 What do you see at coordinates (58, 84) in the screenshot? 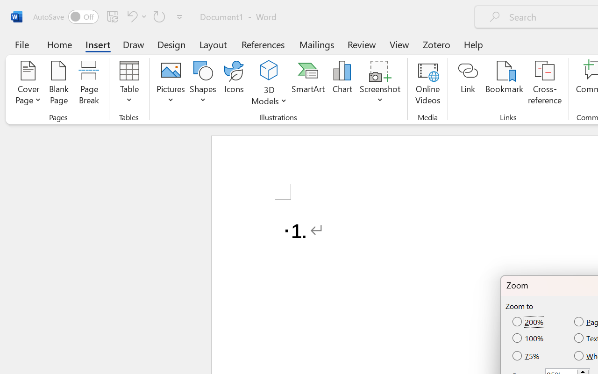
I see `'Blank Page'` at bounding box center [58, 84].